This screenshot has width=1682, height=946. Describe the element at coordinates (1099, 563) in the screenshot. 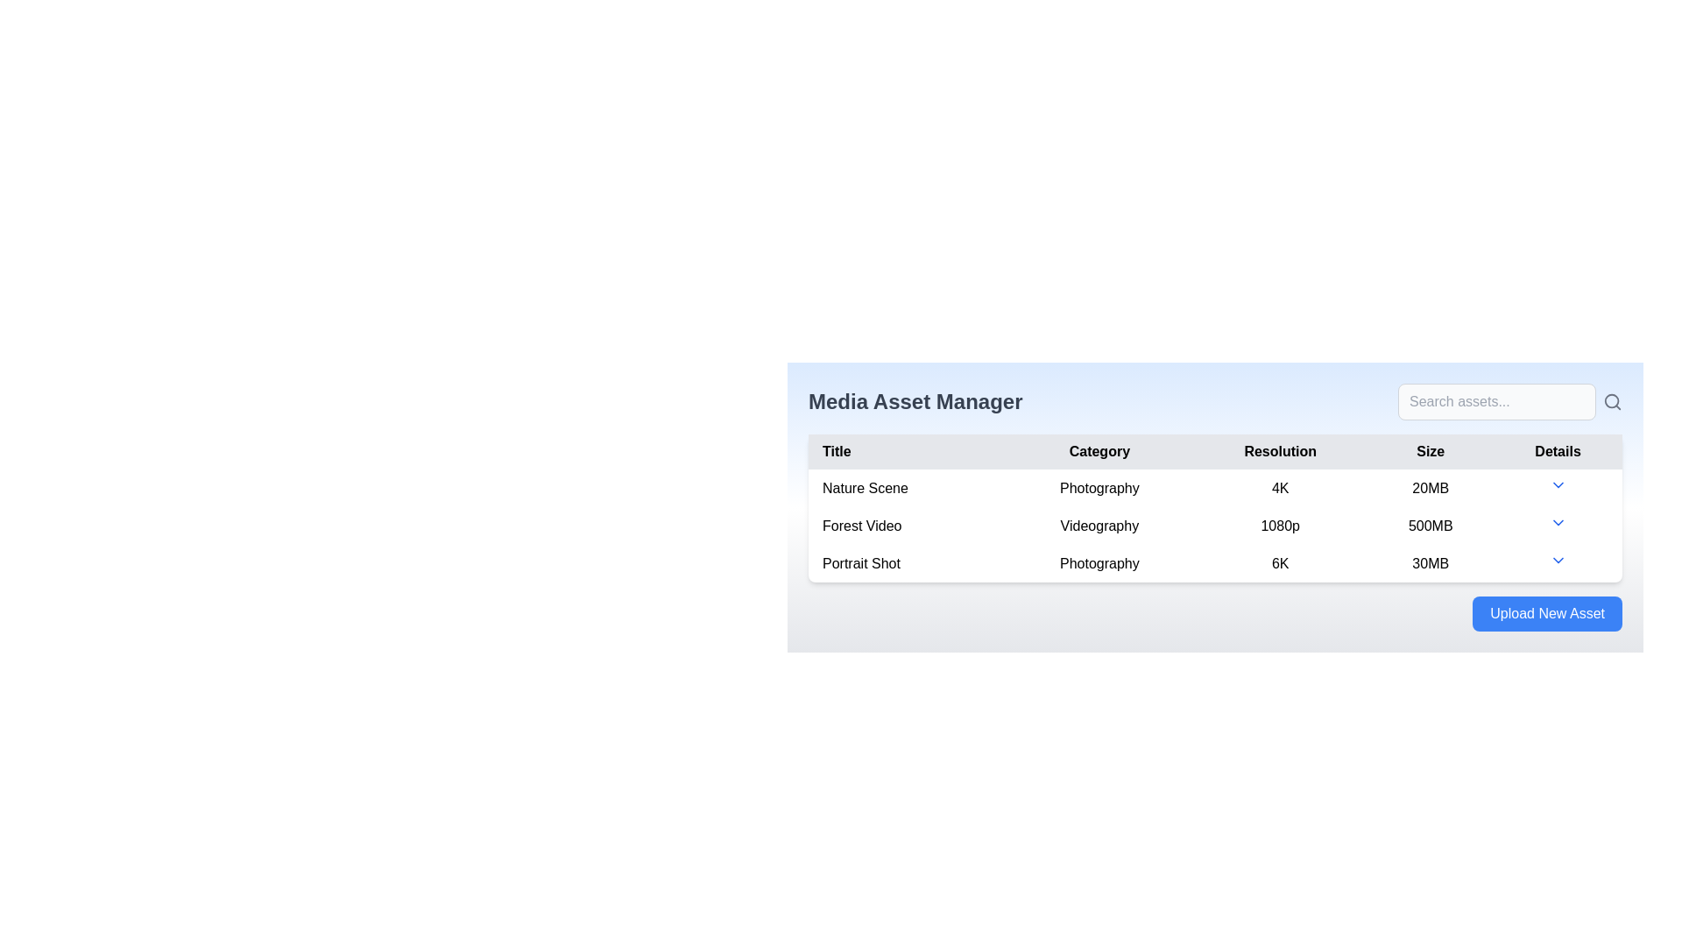

I see `the static text label displaying 'Photography' in the third row and second column of the 'Media Asset Manager'` at that location.